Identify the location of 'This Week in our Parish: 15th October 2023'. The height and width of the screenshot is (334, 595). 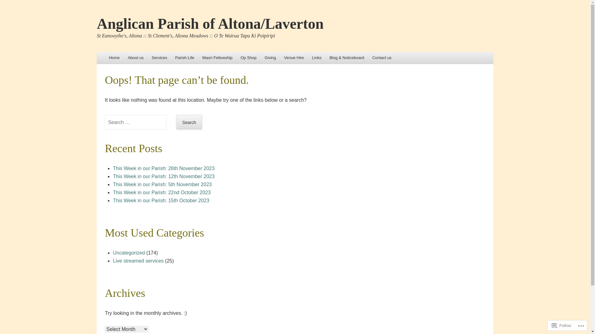
(161, 200).